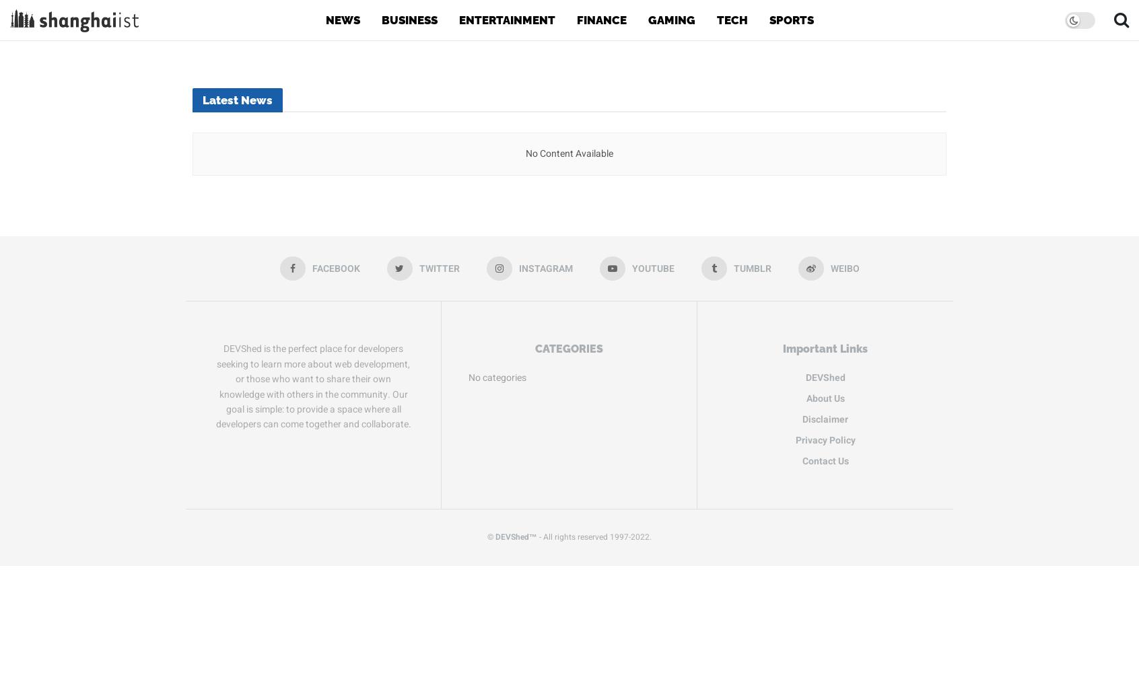 This screenshot has height=673, width=1139. Describe the element at coordinates (497, 377) in the screenshot. I see `'No categories'` at that location.